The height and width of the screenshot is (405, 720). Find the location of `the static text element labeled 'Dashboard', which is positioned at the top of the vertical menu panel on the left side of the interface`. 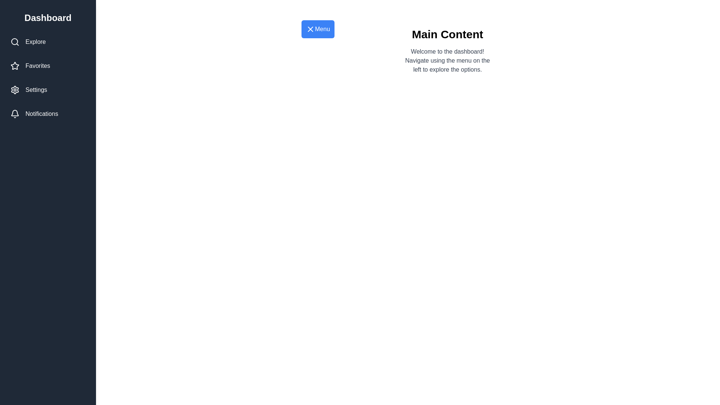

the static text element labeled 'Dashboard', which is positioned at the top of the vertical menu panel on the left side of the interface is located at coordinates (48, 17).